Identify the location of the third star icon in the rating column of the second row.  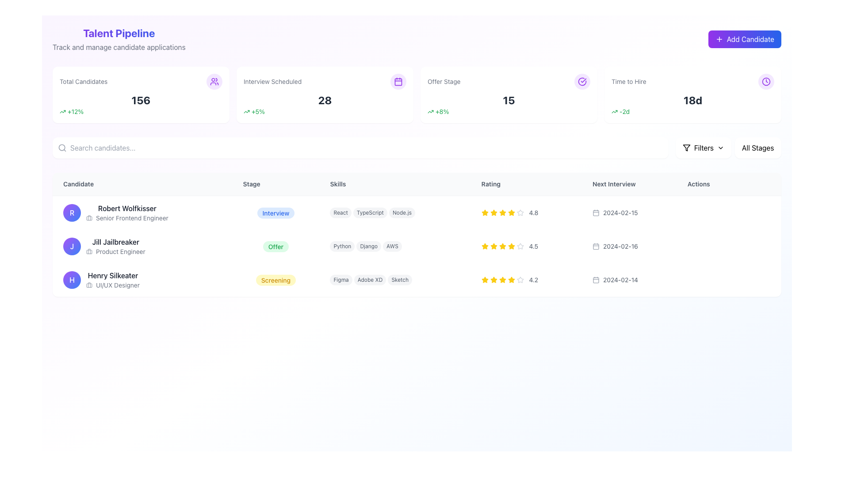
(502, 246).